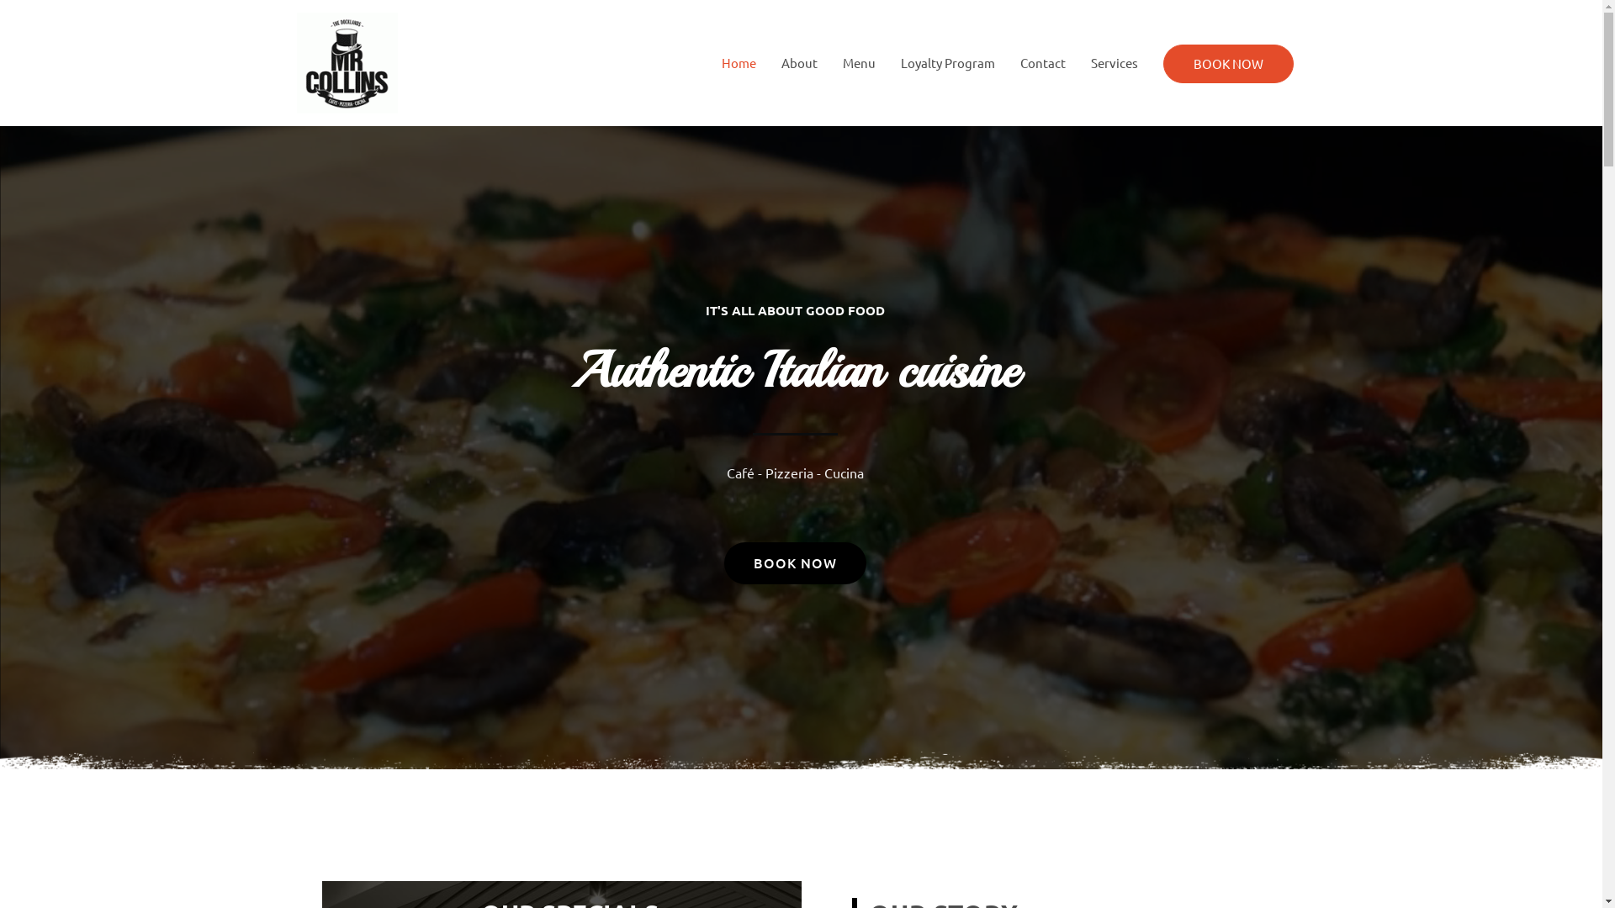 The width and height of the screenshot is (1615, 908). I want to click on 'Menu', so click(858, 61).